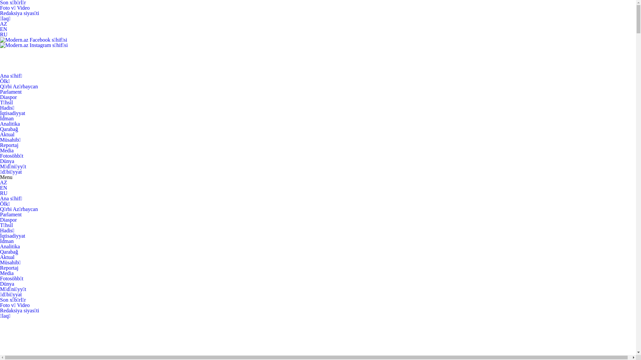 Image resolution: width=641 pixels, height=360 pixels. What do you see at coordinates (3, 182) in the screenshot?
I see `'AZ'` at bounding box center [3, 182].